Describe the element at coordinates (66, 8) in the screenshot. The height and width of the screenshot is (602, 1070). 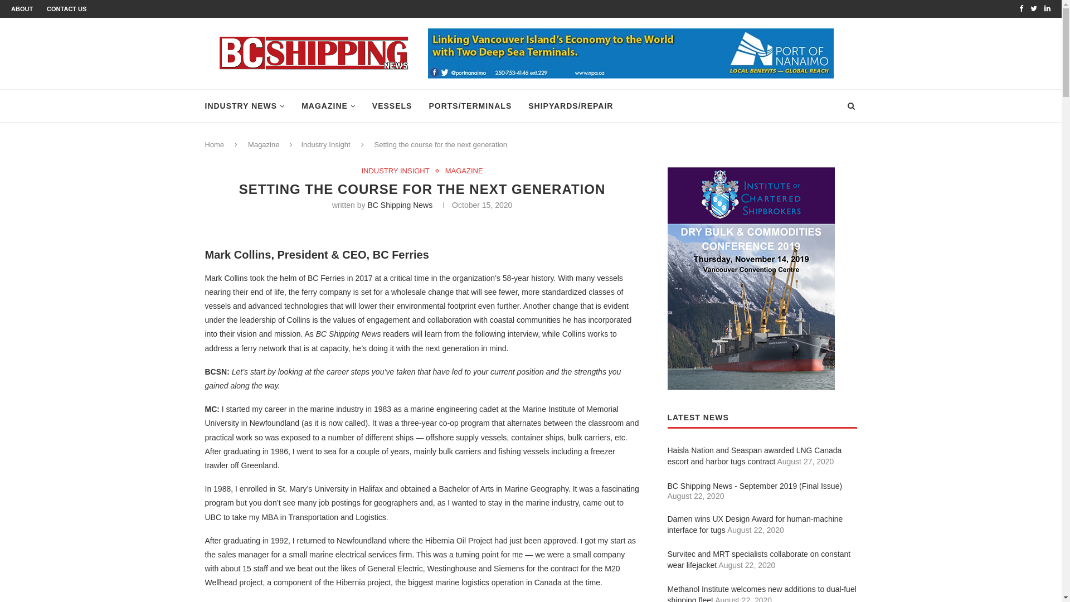
I see `'CONTACT US'` at that location.